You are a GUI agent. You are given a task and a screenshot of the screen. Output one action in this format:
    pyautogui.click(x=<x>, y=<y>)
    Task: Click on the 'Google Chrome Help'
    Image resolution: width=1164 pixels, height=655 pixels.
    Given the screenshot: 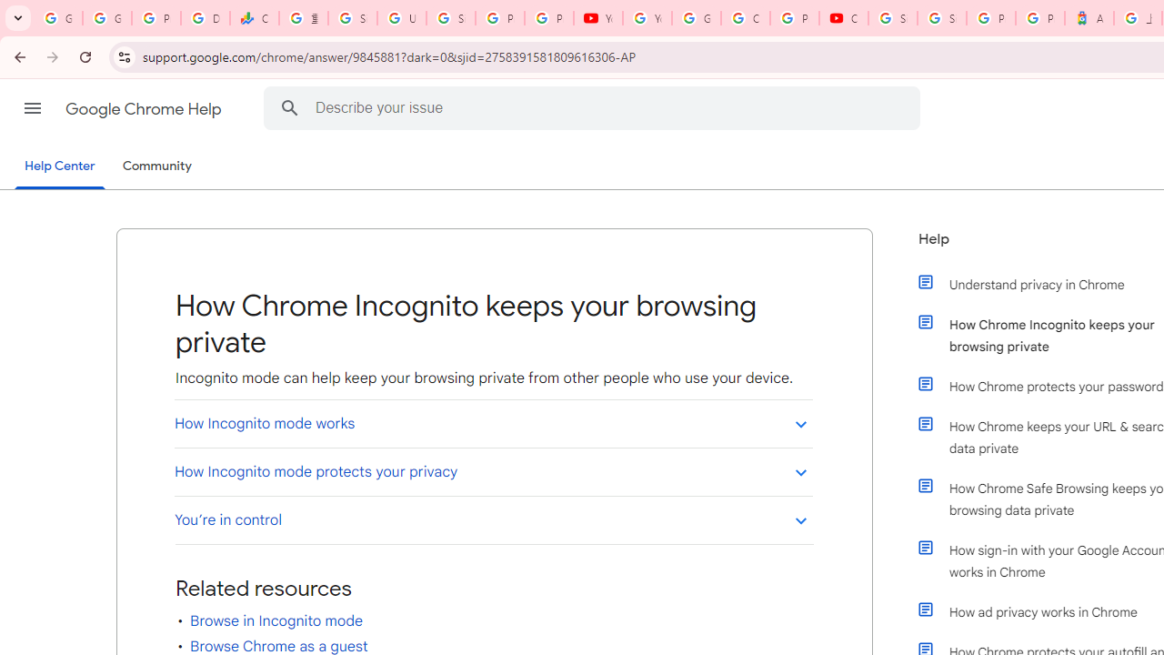 What is the action you would take?
    pyautogui.click(x=145, y=108)
    